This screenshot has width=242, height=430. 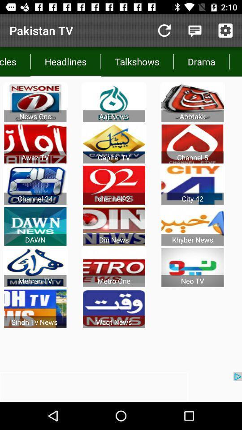 What do you see at coordinates (65, 61) in the screenshot?
I see `icon next to articles` at bounding box center [65, 61].